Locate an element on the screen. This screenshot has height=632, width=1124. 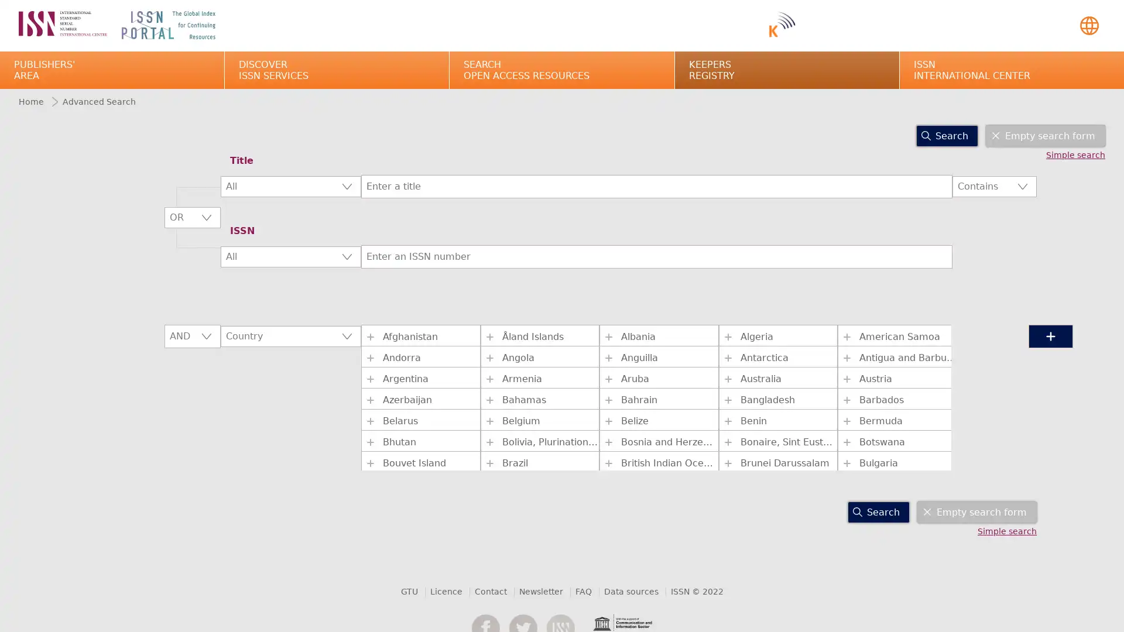
+ is located at coordinates (1050, 336).